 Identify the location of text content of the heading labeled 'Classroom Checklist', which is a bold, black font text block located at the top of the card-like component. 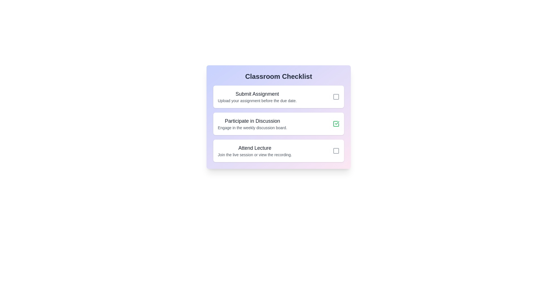
(278, 77).